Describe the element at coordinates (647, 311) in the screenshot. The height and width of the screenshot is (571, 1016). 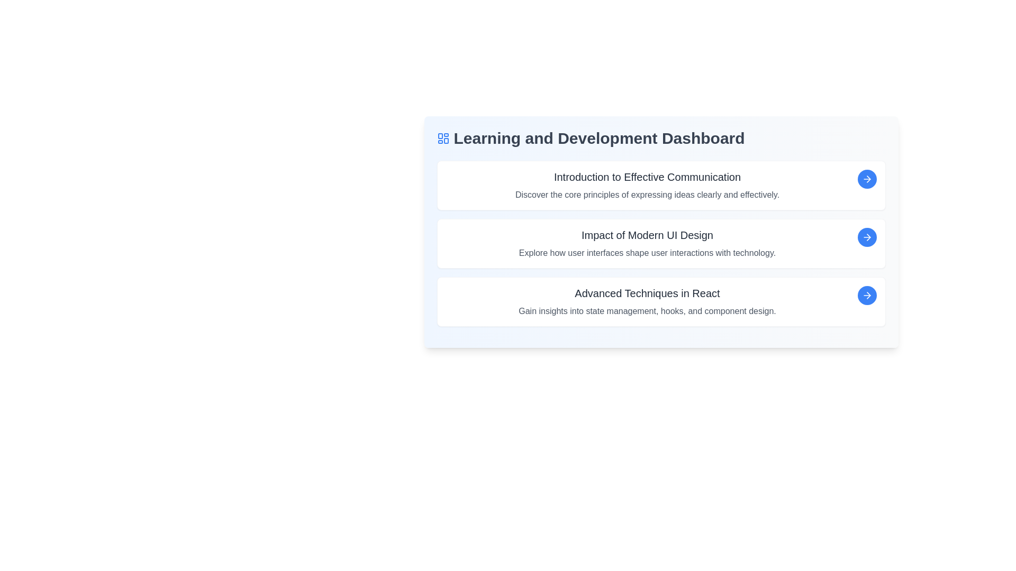
I see `the text element displaying 'Gain insights into state management, hooks, and component design.' which is located below the title 'Advanced Techniques in React' inside the third card of the Learning and Development Dashboard` at that location.